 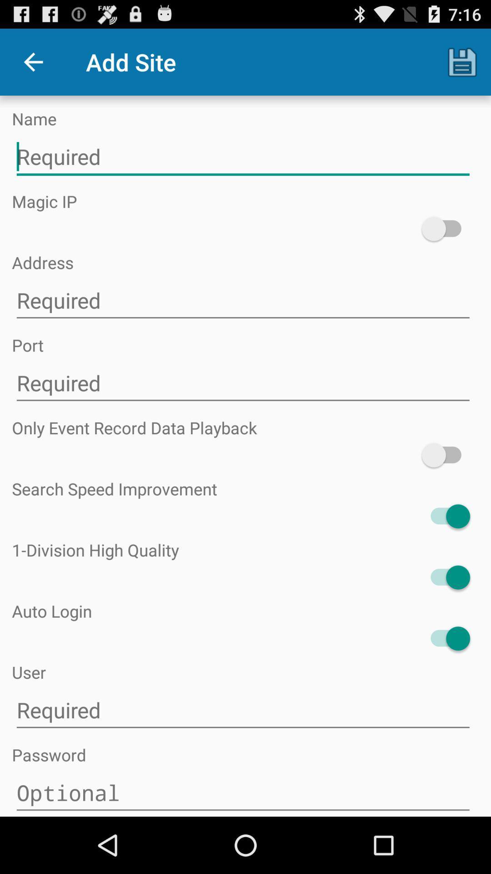 What do you see at coordinates (462, 61) in the screenshot?
I see `the item next to the add site item` at bounding box center [462, 61].